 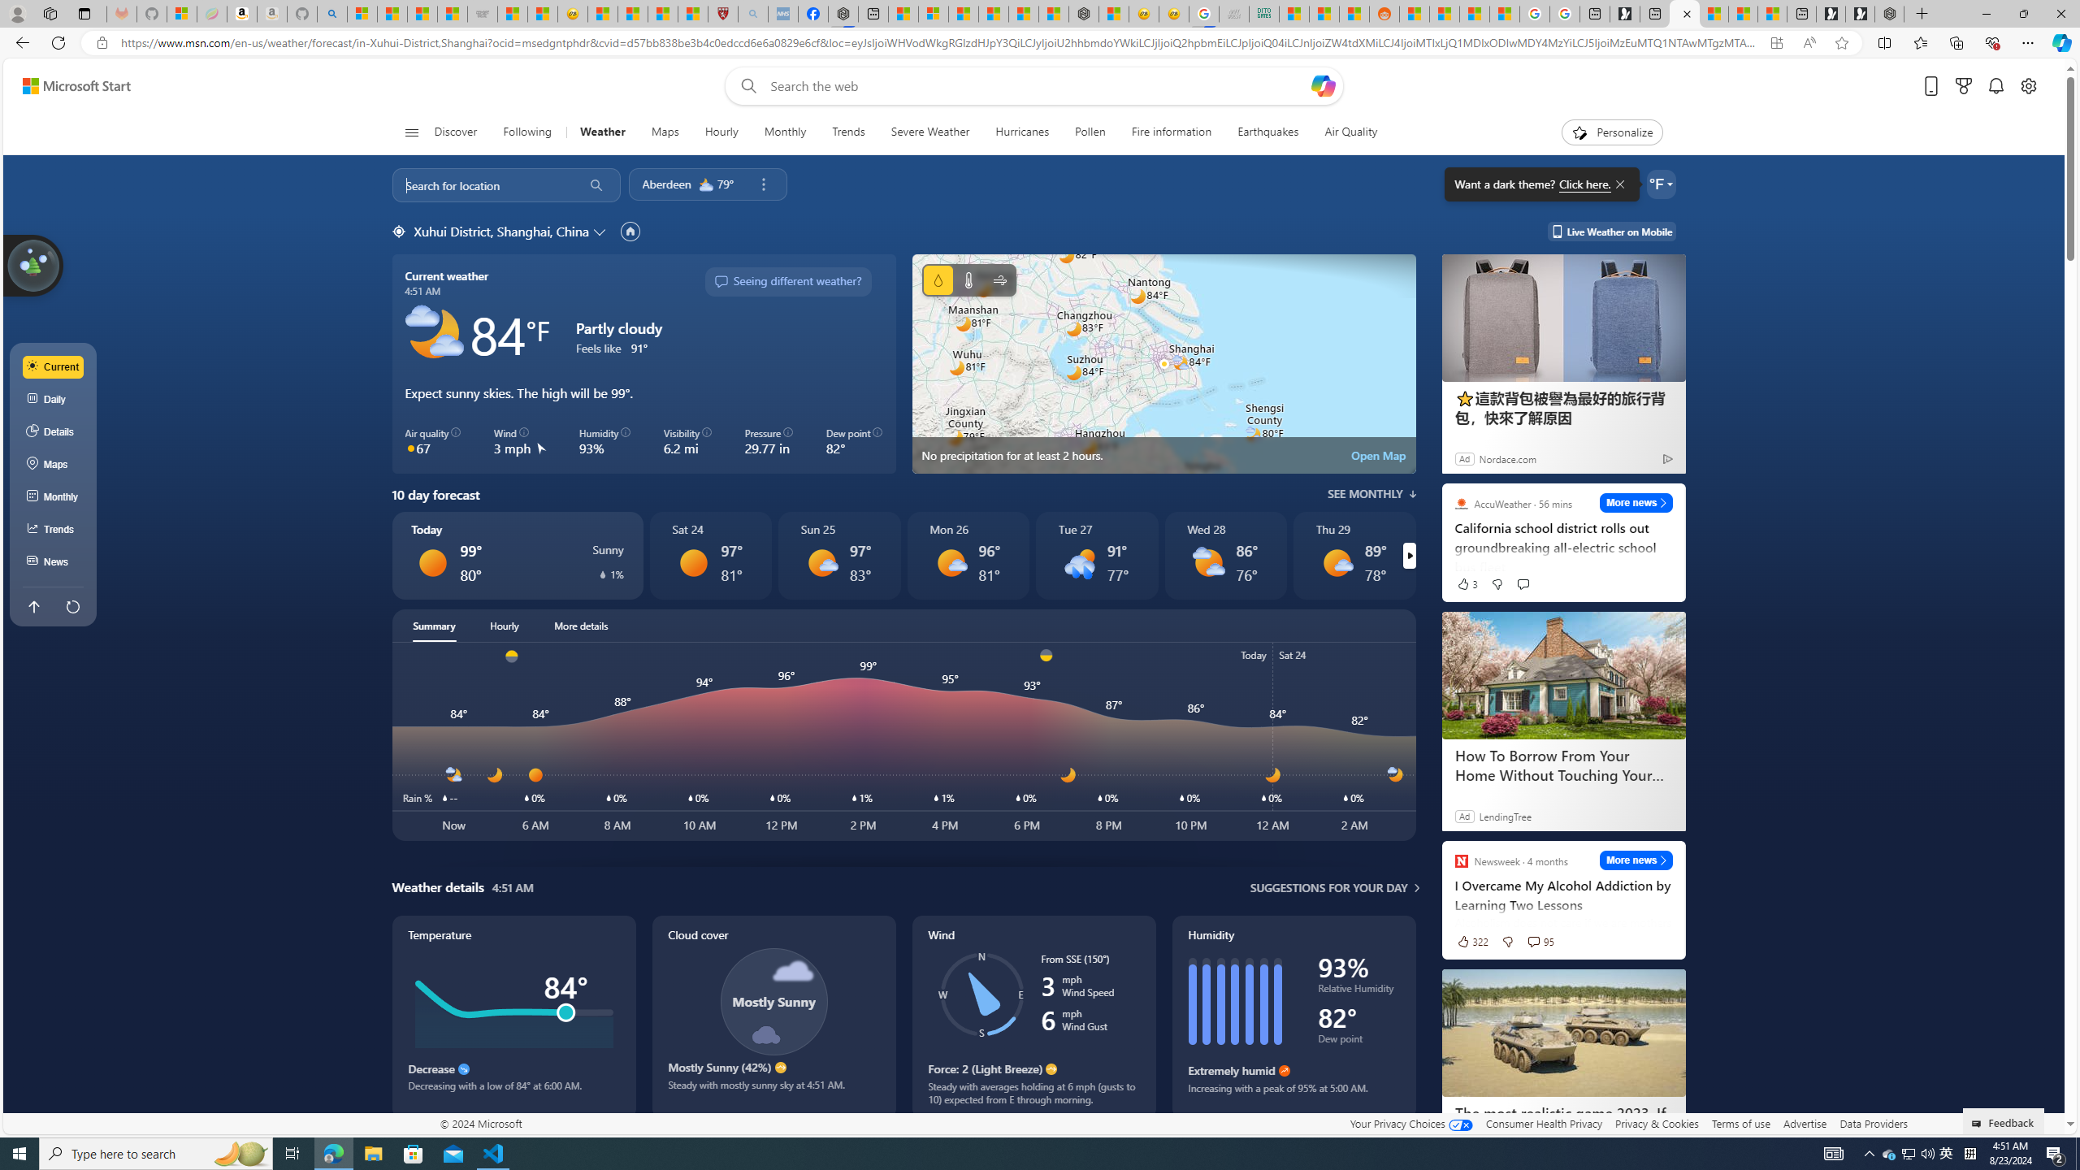 What do you see at coordinates (76, 86) in the screenshot?
I see `'Microsoft Start'` at bounding box center [76, 86].